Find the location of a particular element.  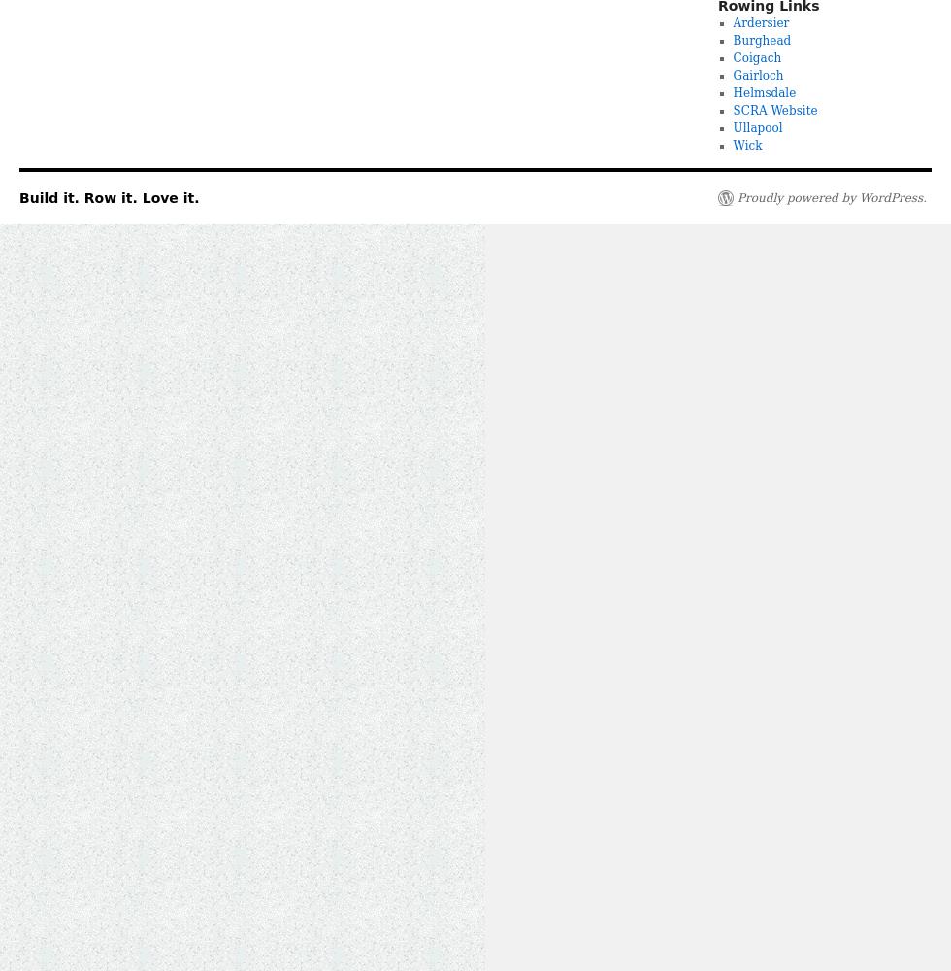

'Build it. Row it. Love it.' is located at coordinates (109, 197).